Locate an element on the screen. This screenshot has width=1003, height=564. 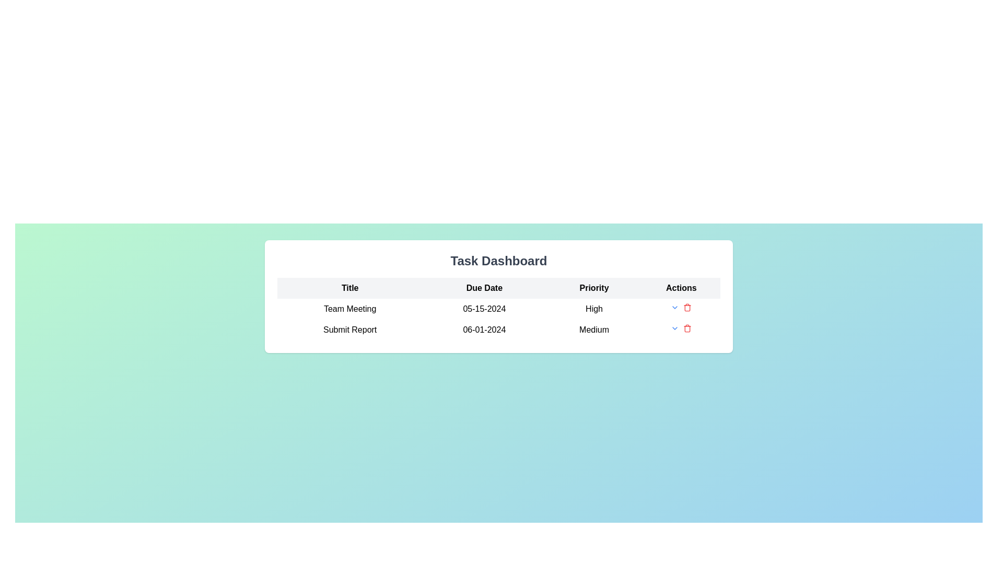
the text label displaying 'Medium' located in the second row under the 'Priority' column of the table, adjacent to '06-01-2024' is located at coordinates (594, 330).